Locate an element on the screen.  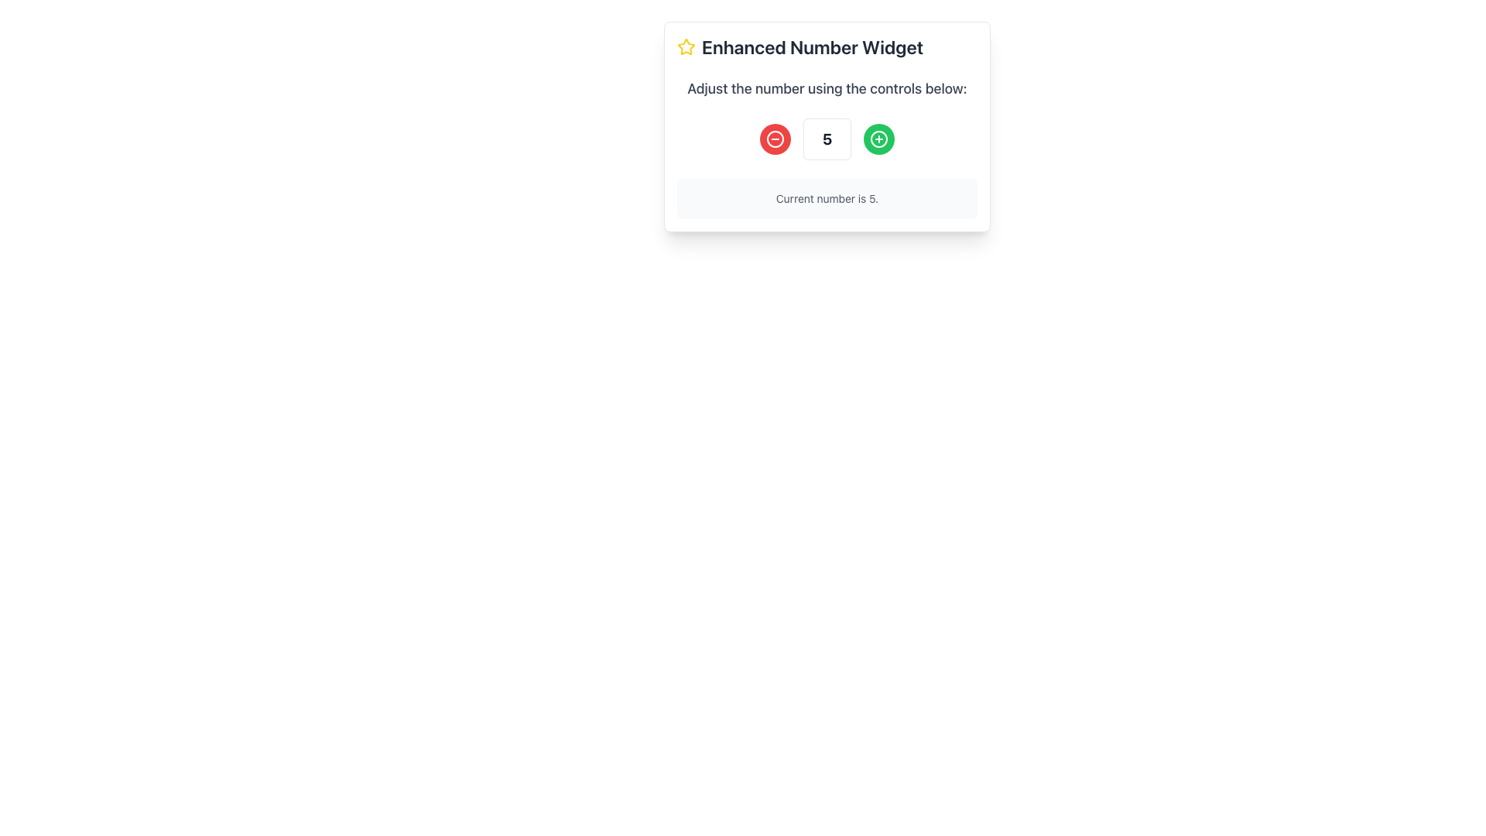
the circular icon button with a red background and white minus symbol is located at coordinates (775, 139).